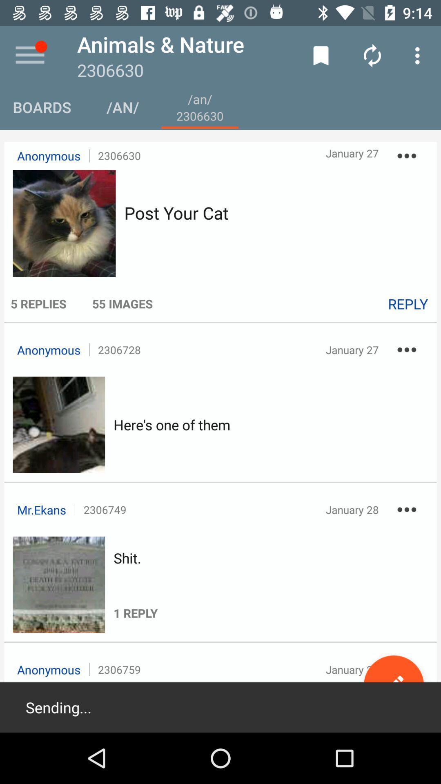  I want to click on open menu, so click(29, 55).